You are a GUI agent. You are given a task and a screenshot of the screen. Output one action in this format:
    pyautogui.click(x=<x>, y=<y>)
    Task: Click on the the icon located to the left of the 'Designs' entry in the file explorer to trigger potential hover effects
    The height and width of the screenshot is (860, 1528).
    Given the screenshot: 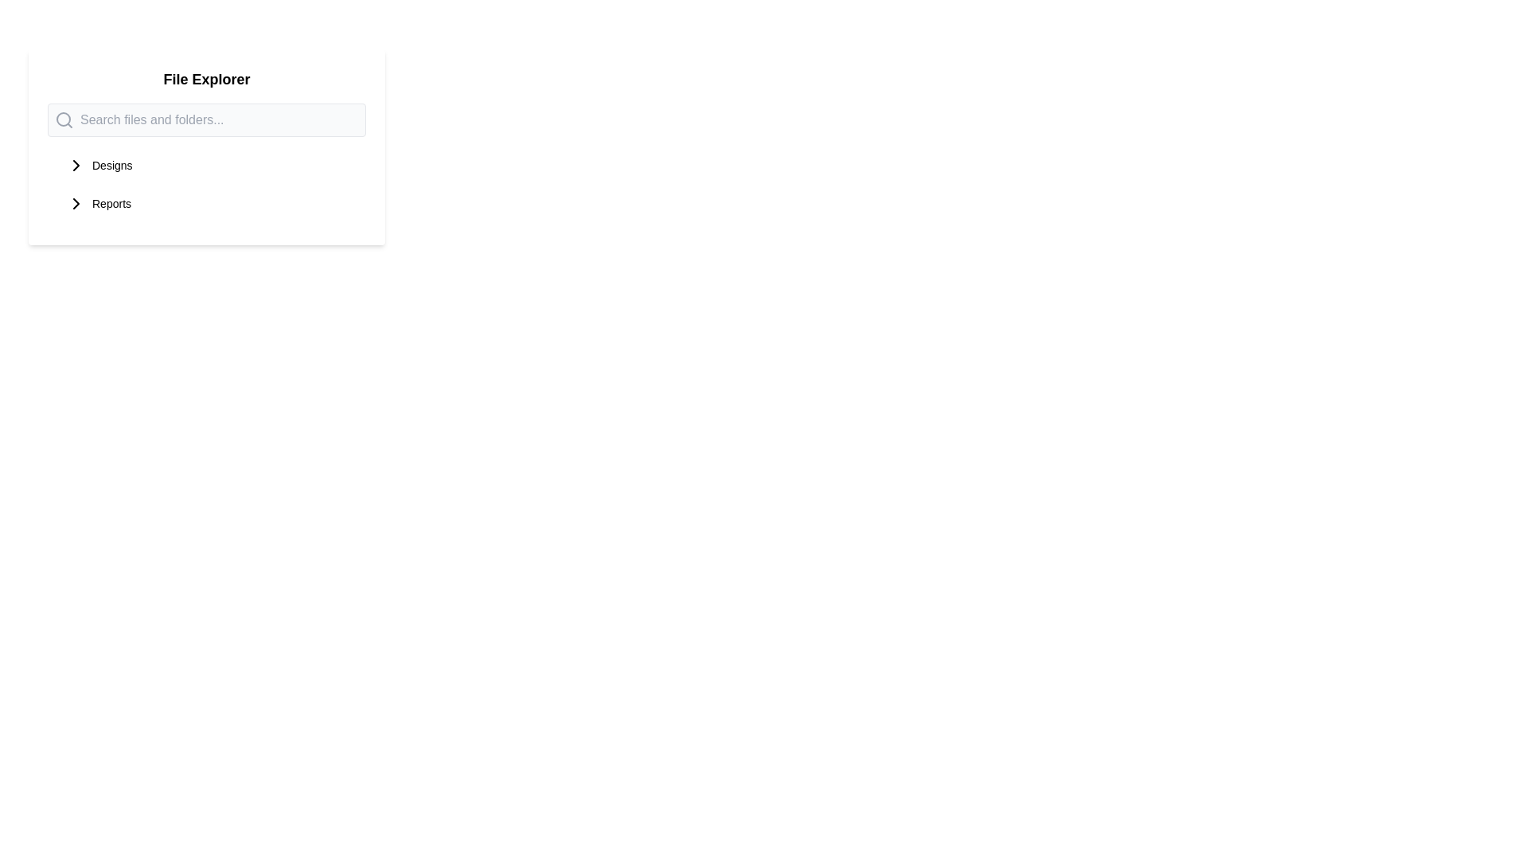 What is the action you would take?
    pyautogui.click(x=76, y=166)
    